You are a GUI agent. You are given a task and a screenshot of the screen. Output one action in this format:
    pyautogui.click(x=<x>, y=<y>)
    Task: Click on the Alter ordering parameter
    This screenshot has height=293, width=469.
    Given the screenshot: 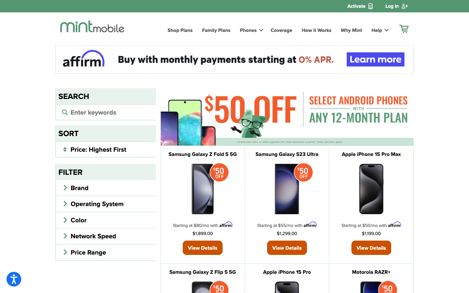 What is the action you would take?
    pyautogui.click(x=106, y=149)
    